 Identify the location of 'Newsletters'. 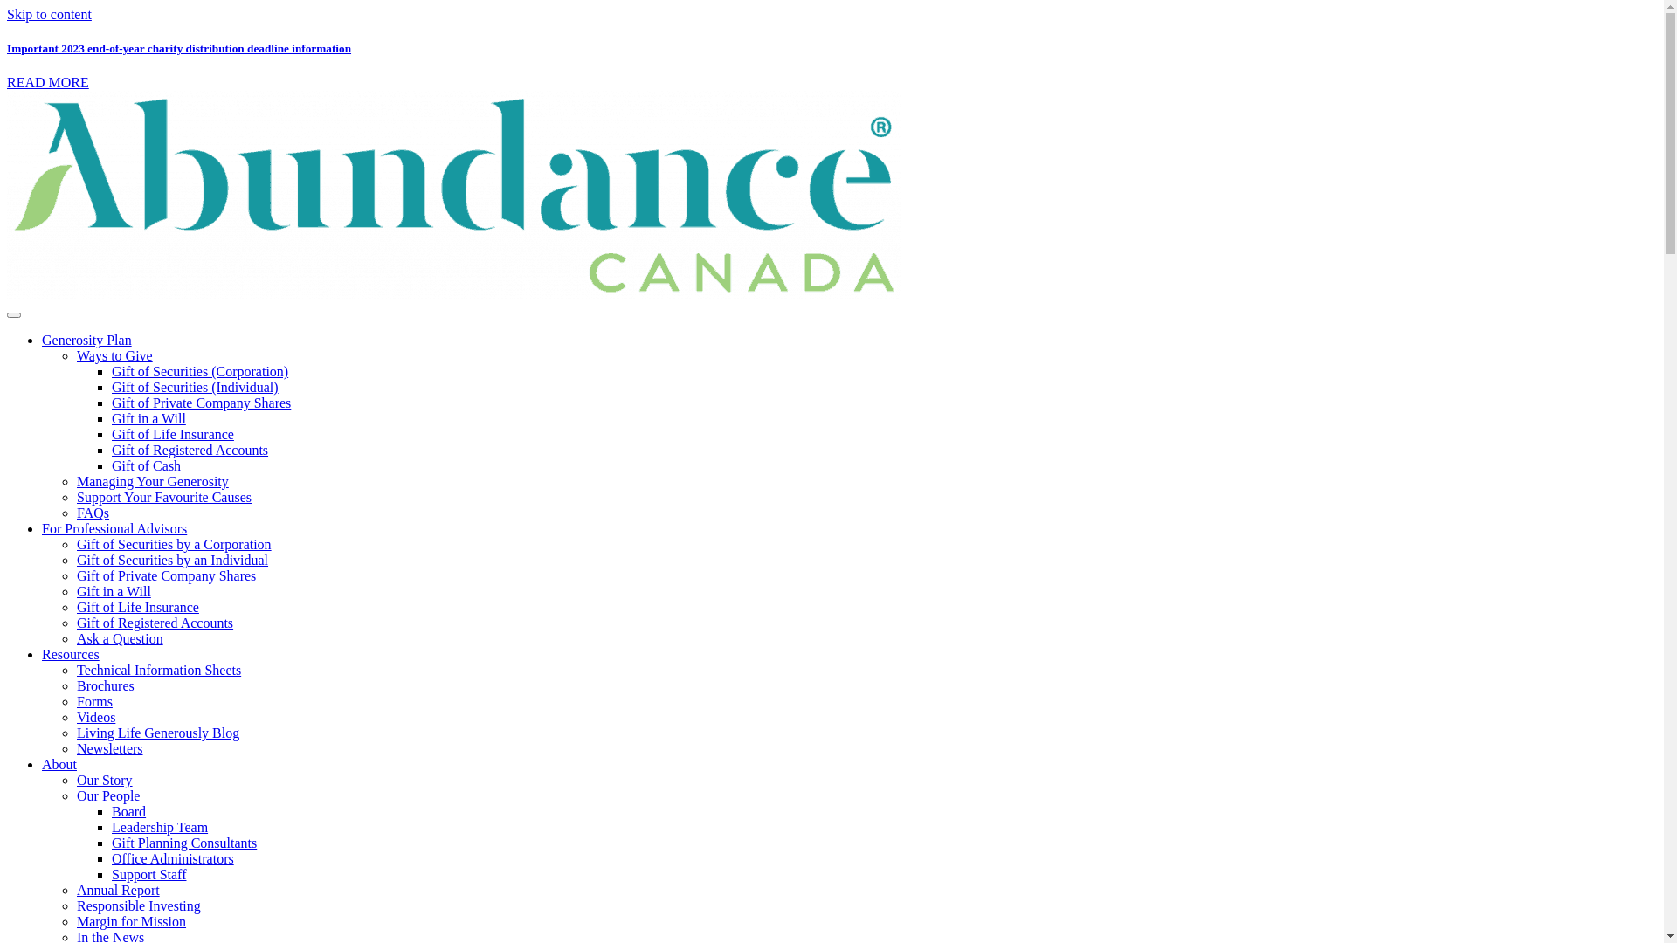
(108, 747).